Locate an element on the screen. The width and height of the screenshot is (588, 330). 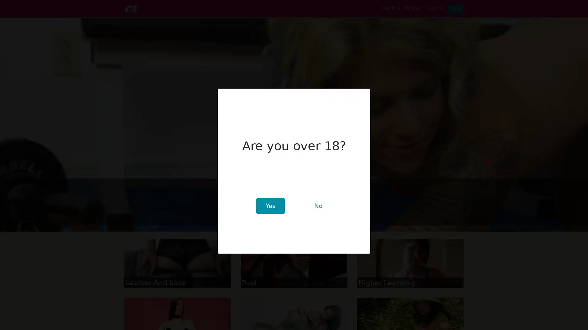
Yes is located at coordinates (270, 206).